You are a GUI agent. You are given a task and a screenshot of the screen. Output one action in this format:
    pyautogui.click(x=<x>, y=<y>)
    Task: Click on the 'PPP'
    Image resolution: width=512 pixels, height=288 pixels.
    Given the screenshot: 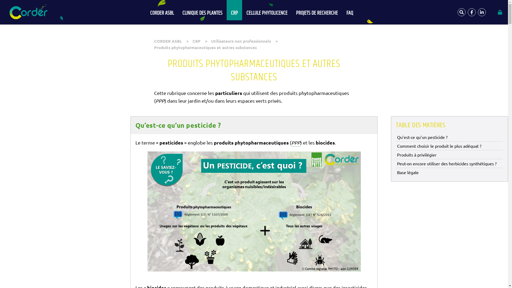 What is the action you would take?
    pyautogui.click(x=295, y=143)
    